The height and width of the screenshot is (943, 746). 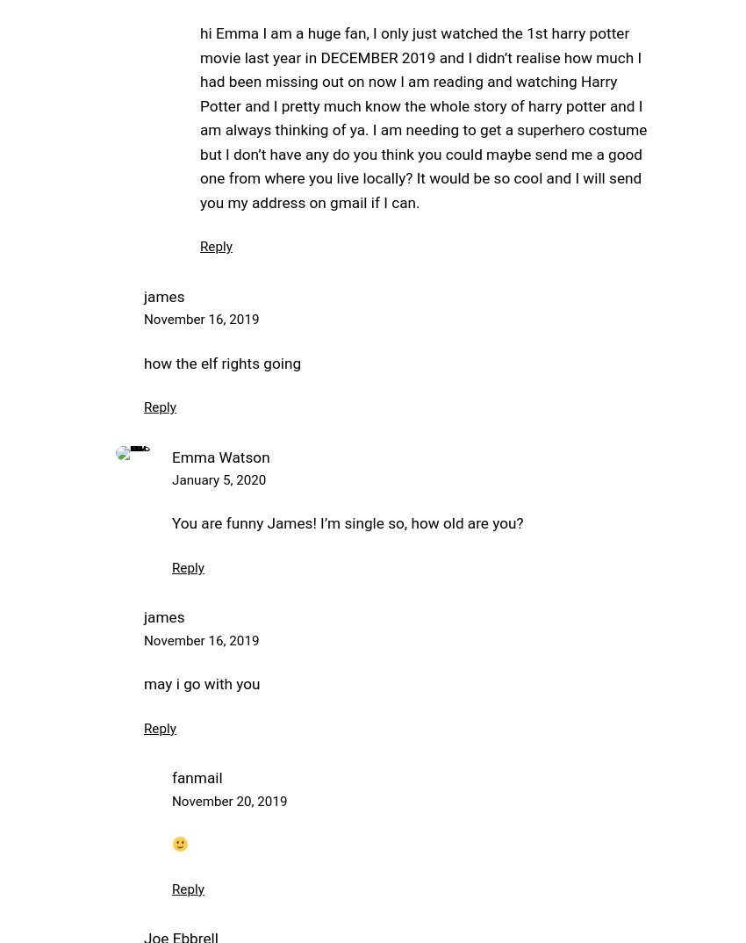 I want to click on 'fanmail', so click(x=197, y=777).